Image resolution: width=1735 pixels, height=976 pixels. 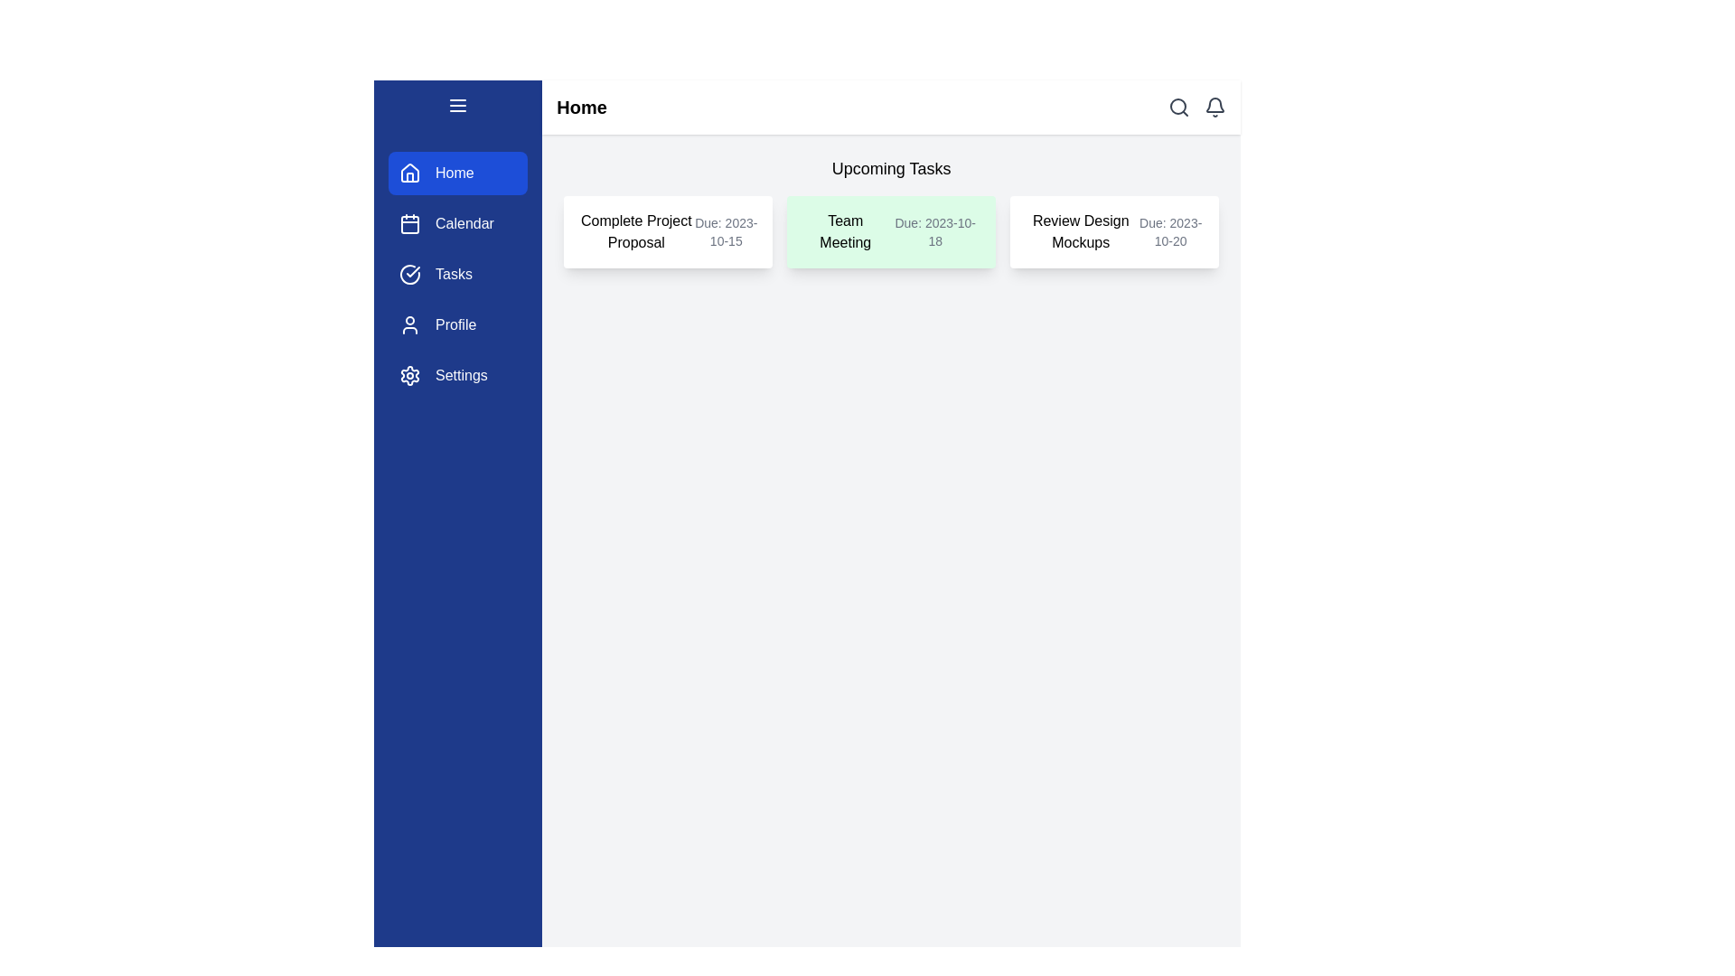 What do you see at coordinates (409, 174) in the screenshot?
I see `the 'Home' SVG graphic icon located within the blue-highlighted 'Home' button on the vertical navigation menu` at bounding box center [409, 174].